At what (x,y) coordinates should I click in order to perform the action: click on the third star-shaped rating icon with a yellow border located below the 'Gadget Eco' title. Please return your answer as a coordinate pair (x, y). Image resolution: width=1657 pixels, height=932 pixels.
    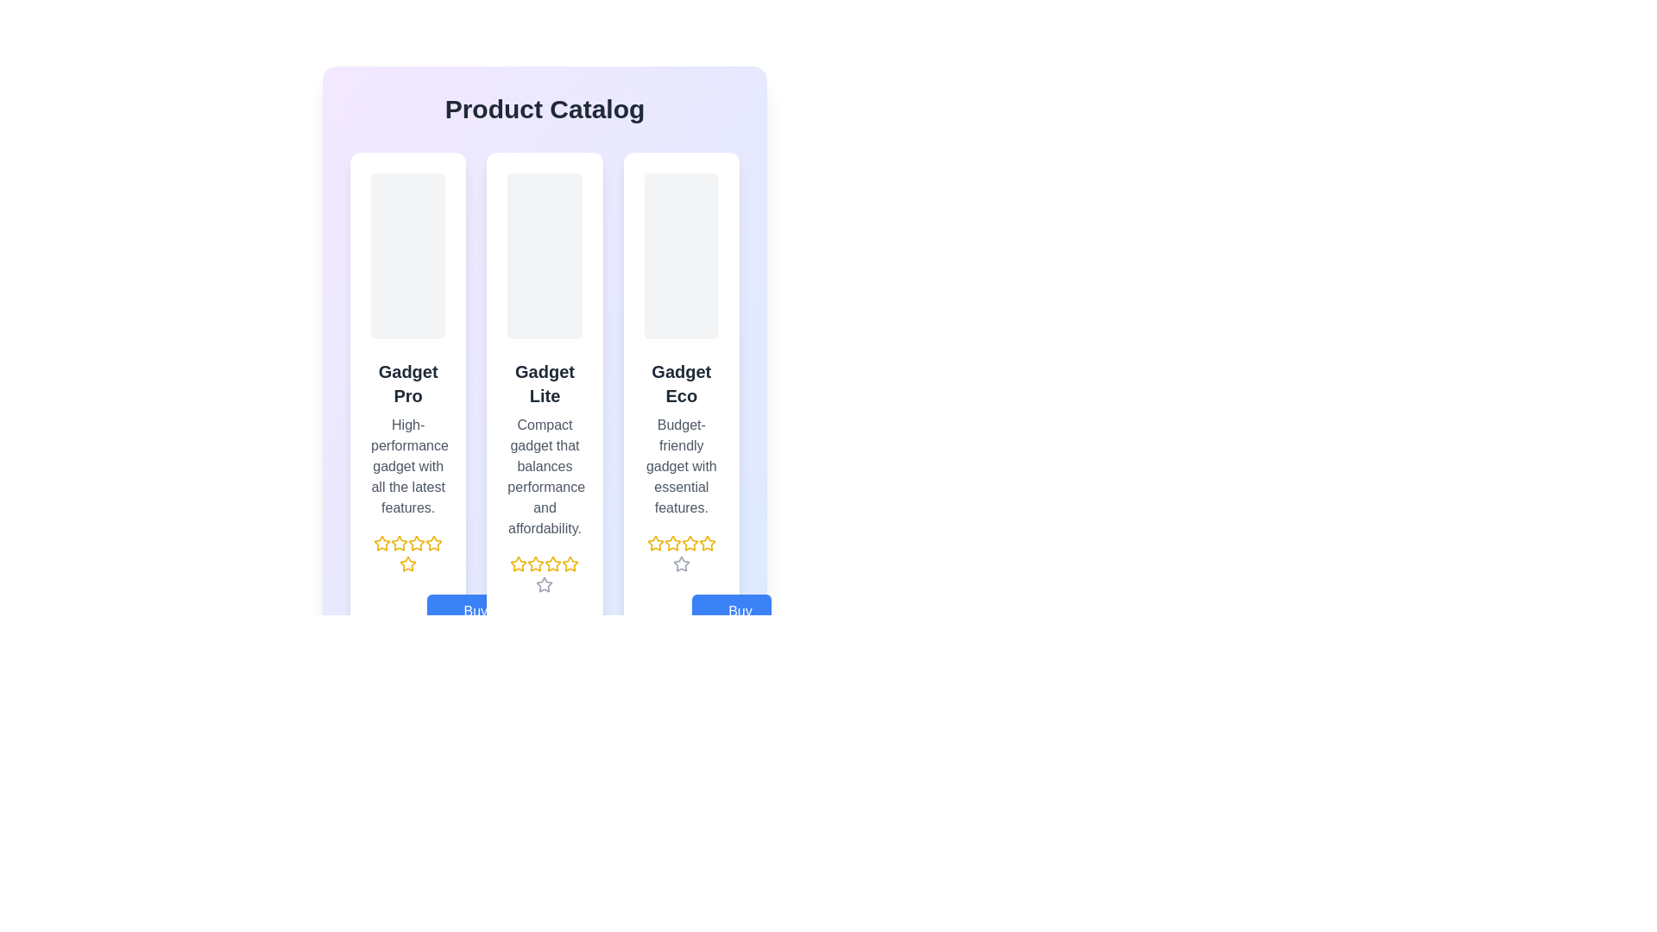
    Looking at the image, I should click on (707, 542).